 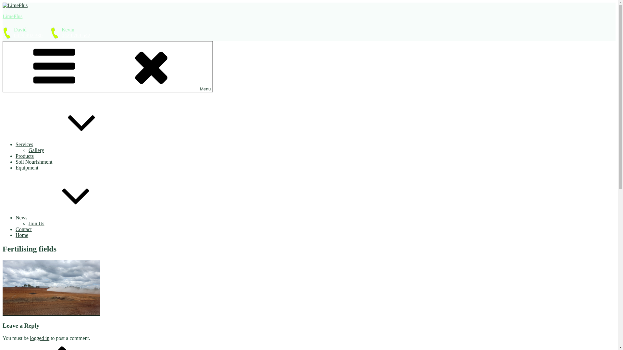 I want to click on 'News', so click(x=70, y=217).